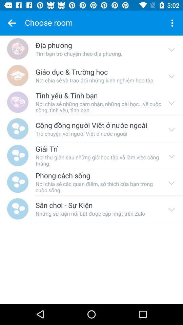  Describe the element at coordinates (12, 23) in the screenshot. I see `to go back` at that location.